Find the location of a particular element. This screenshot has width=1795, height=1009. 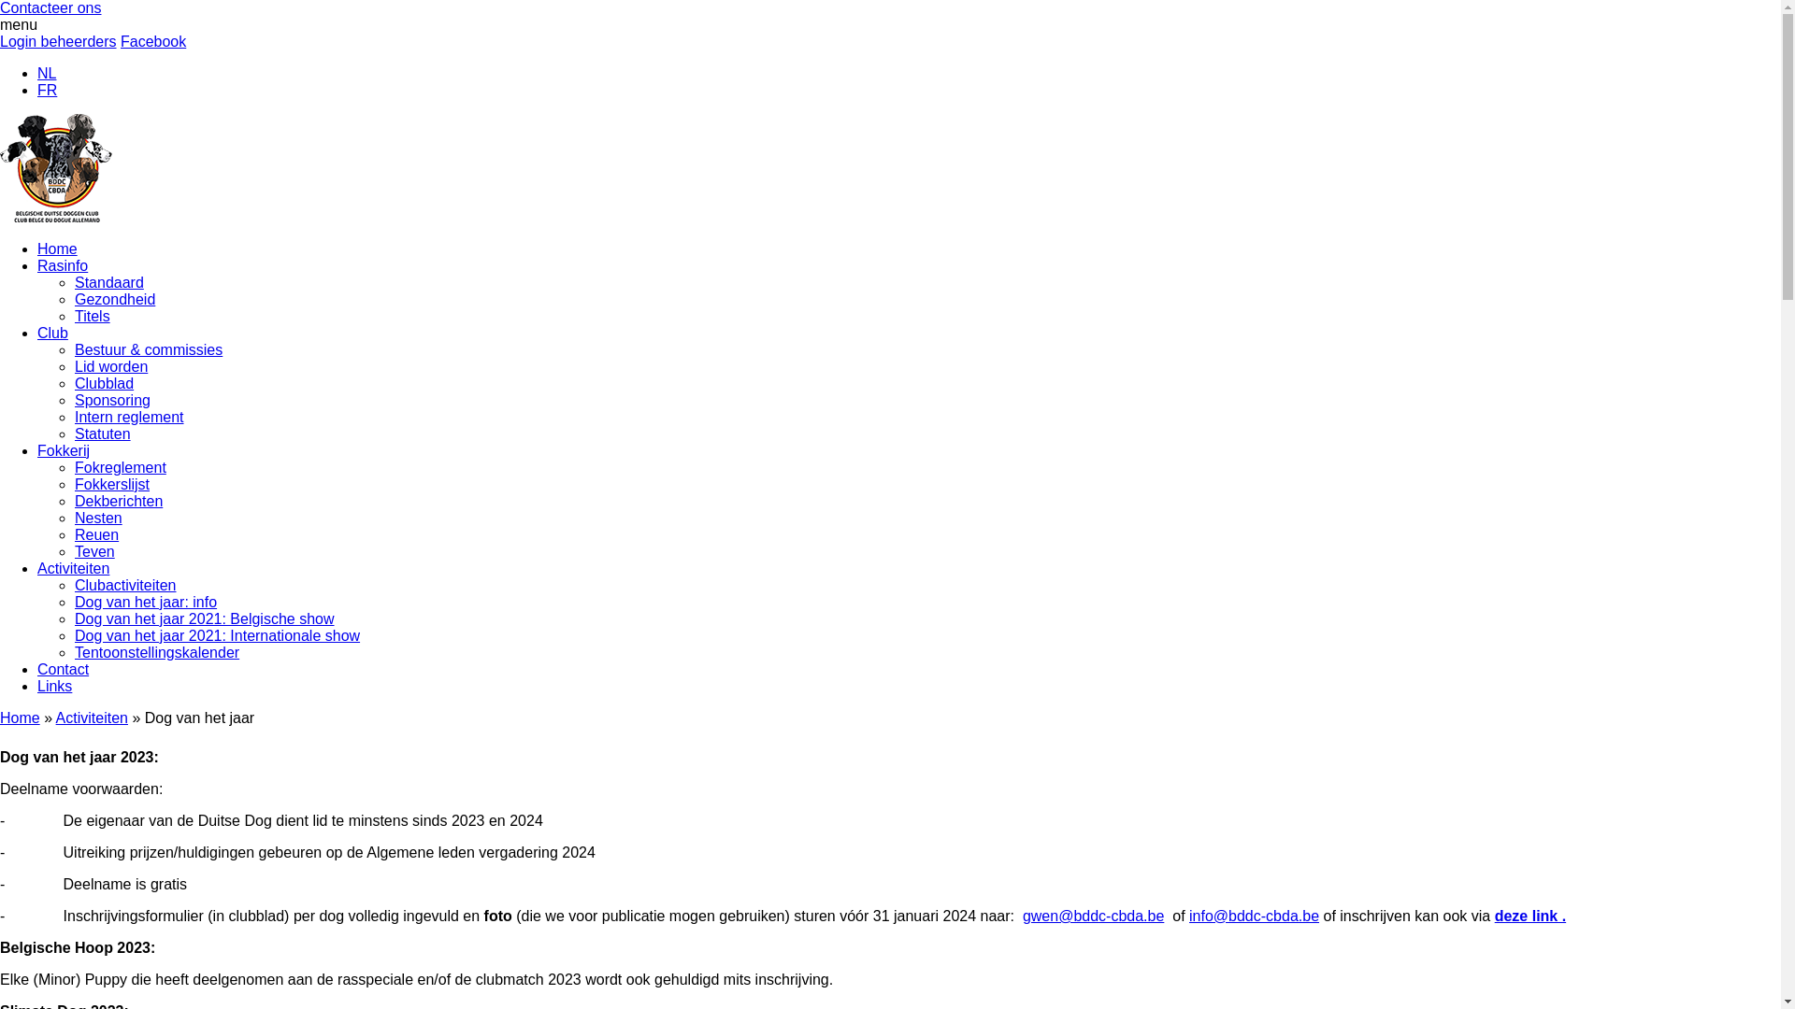

'NL' is located at coordinates (36, 72).